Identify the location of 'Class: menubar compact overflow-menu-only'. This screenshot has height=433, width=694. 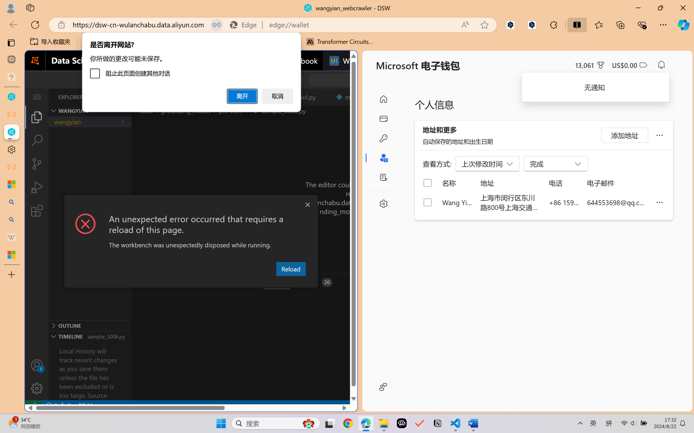
(36, 97).